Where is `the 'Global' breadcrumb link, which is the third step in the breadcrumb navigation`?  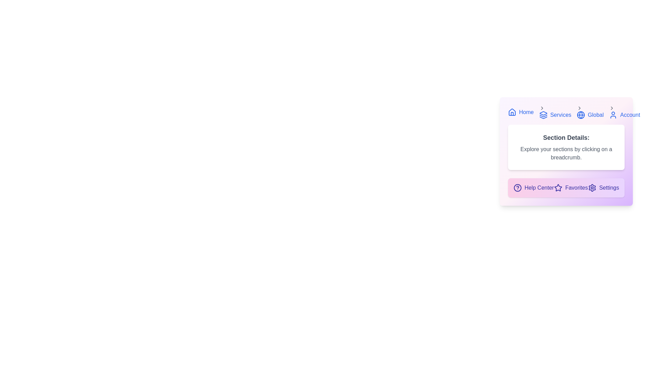
the 'Global' breadcrumb link, which is the third step in the breadcrumb navigation is located at coordinates (590, 112).